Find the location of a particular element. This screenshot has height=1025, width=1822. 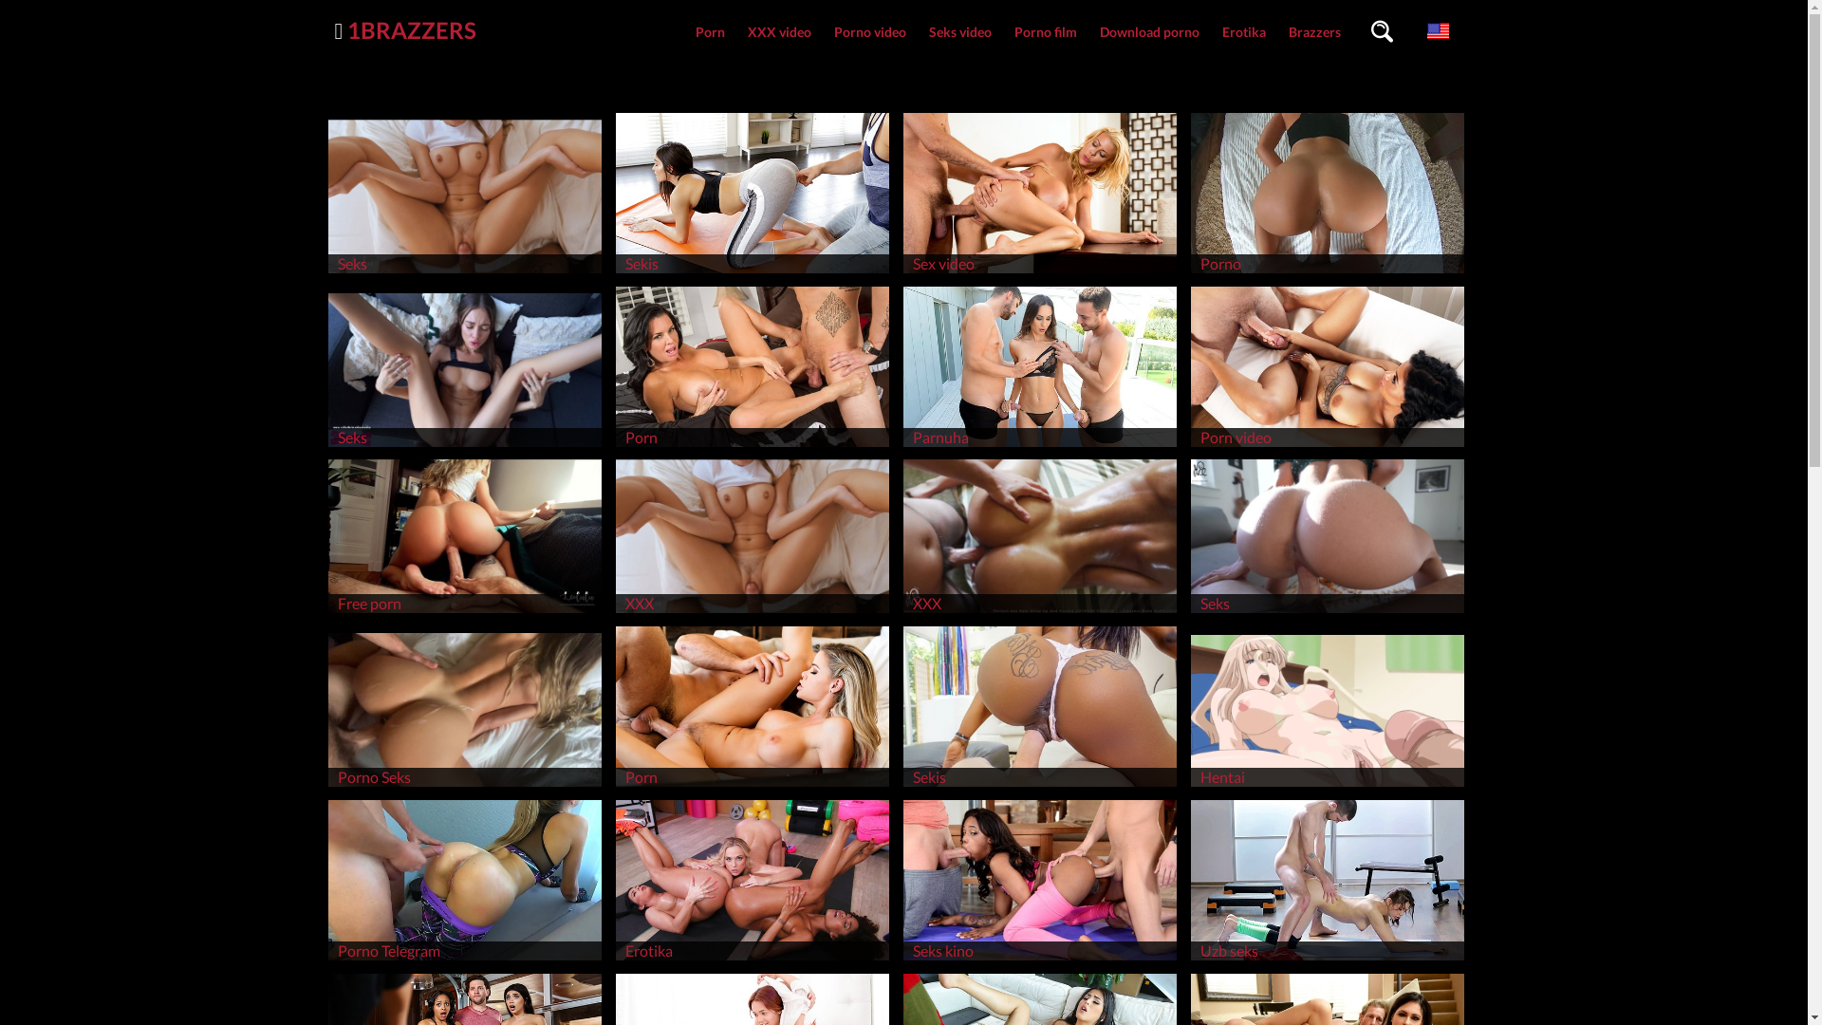

'Seks video' is located at coordinates (959, 32).